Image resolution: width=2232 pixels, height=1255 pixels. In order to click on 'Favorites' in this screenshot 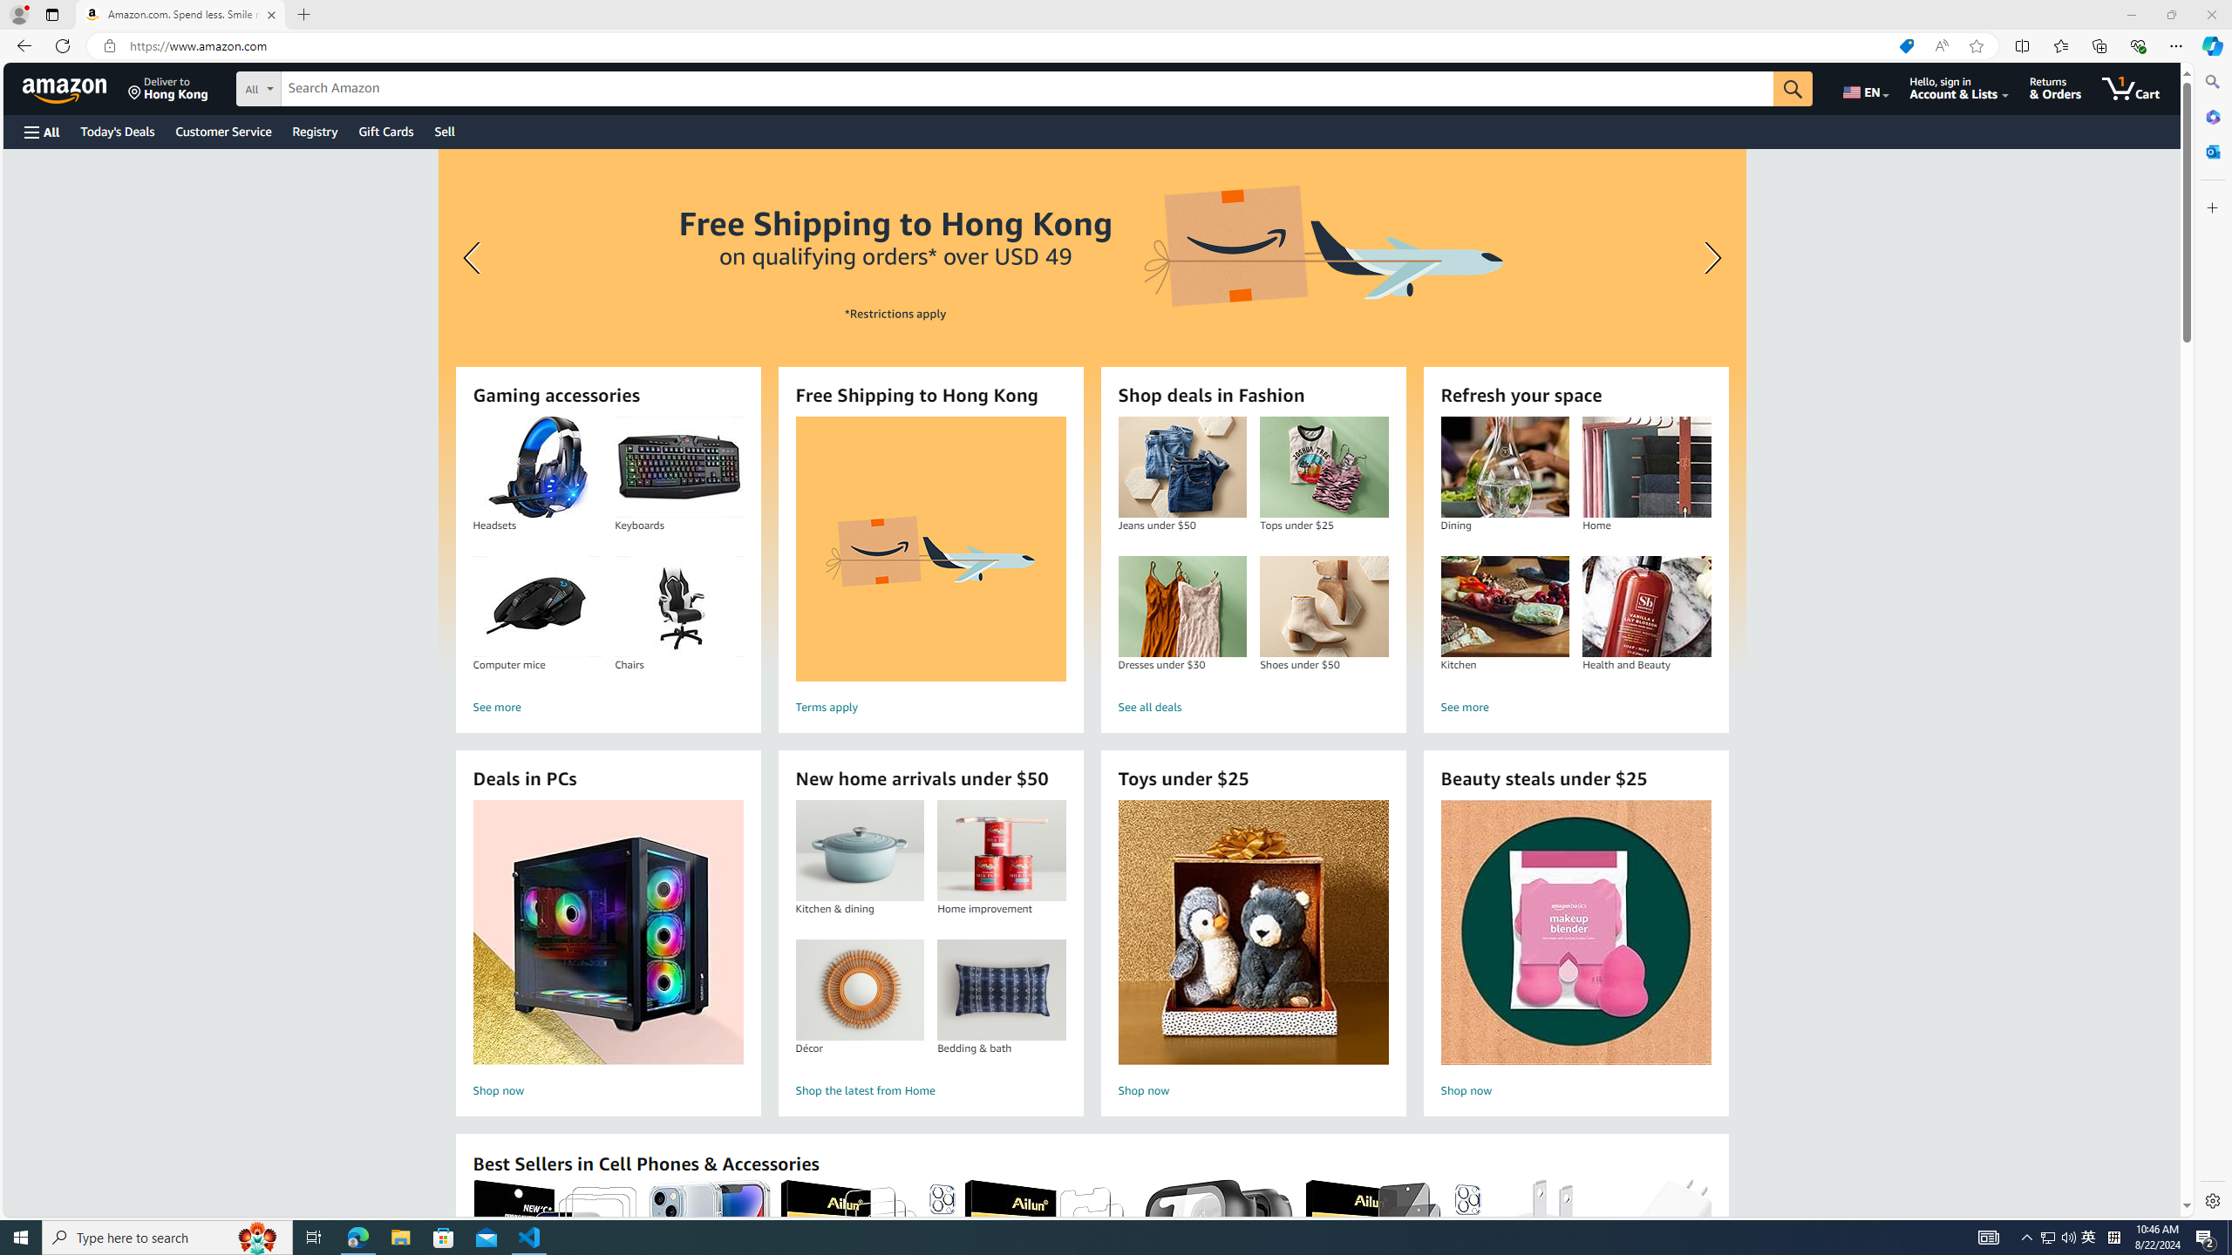, I will do `click(2061, 44)`.